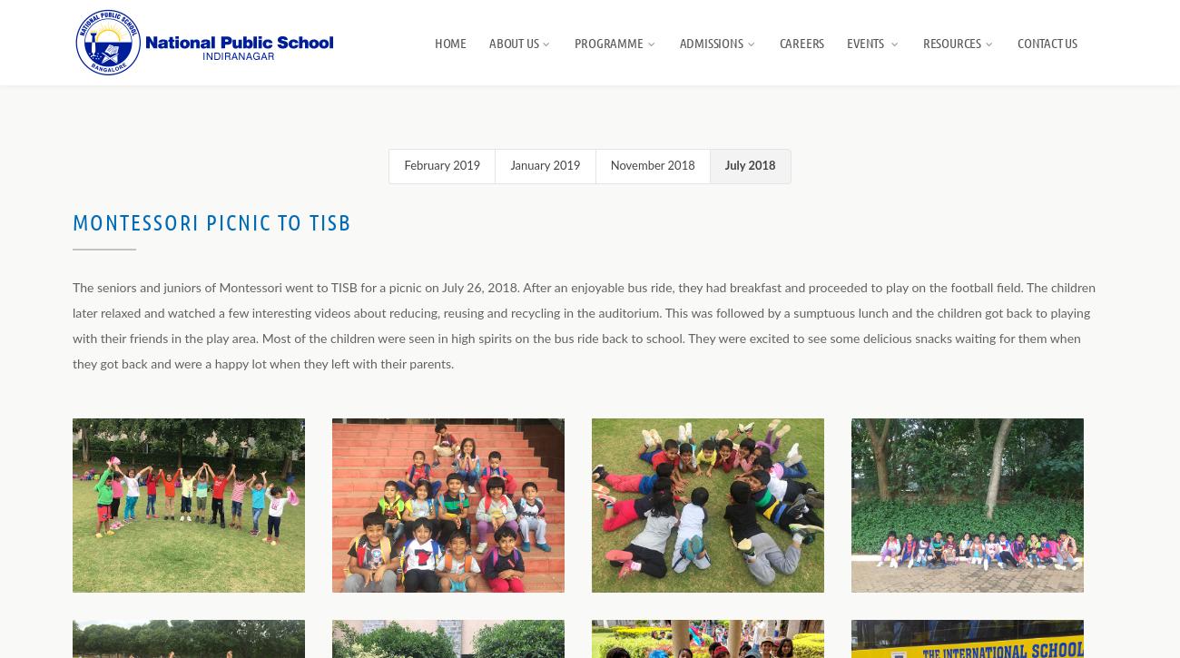 Image resolution: width=1180 pixels, height=658 pixels. What do you see at coordinates (1016, 42) in the screenshot?
I see `'Contact Us'` at bounding box center [1016, 42].